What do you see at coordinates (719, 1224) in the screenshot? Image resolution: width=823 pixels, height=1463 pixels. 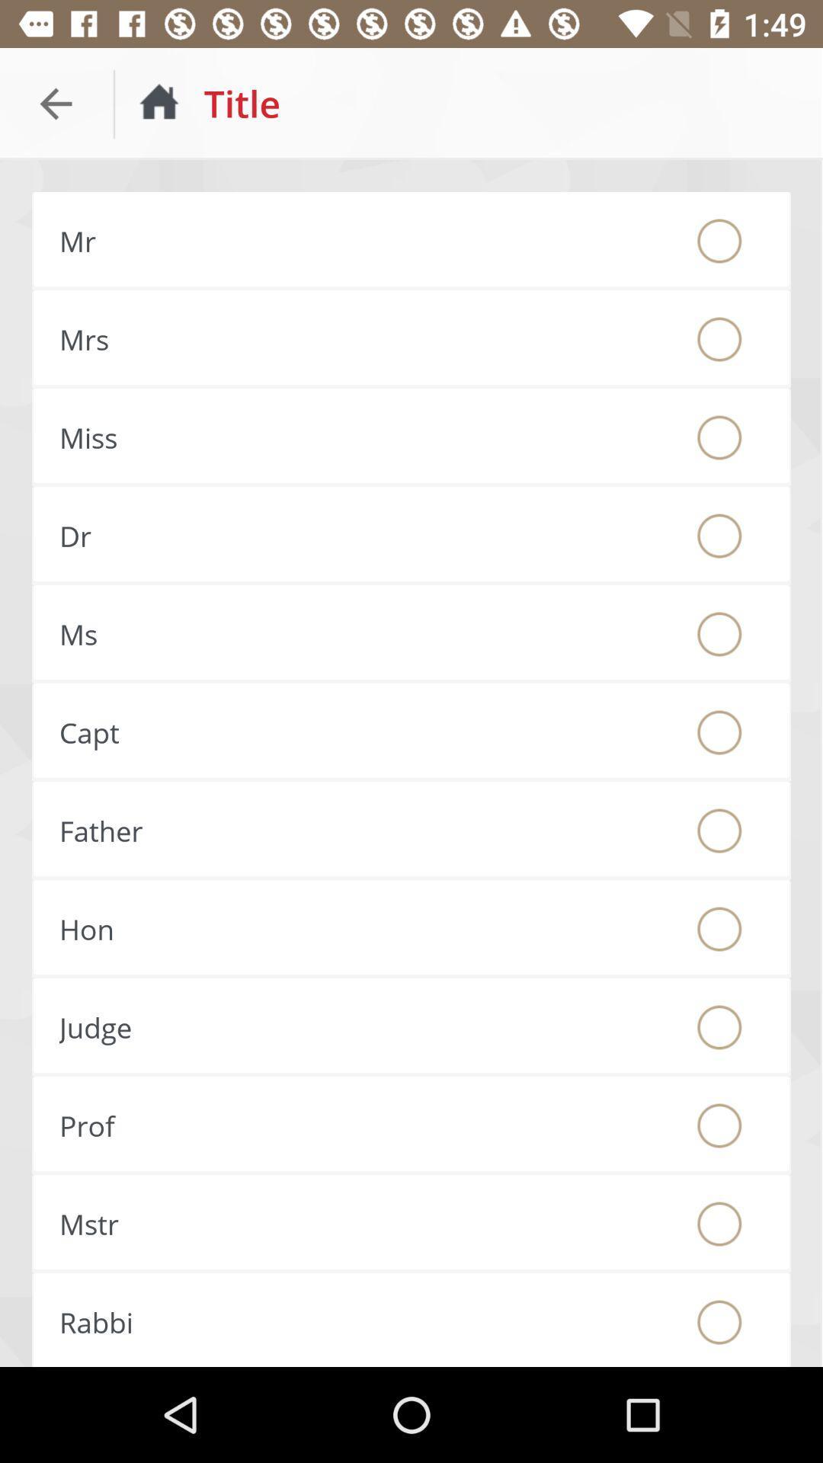 I see `choose if this is your title` at bounding box center [719, 1224].